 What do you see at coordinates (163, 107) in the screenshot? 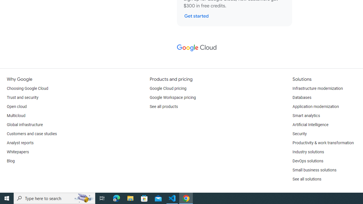
I see `'See all products'` at bounding box center [163, 107].